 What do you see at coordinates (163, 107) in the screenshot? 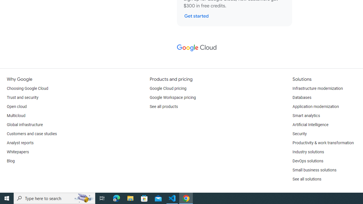
I see `'See all products'` at bounding box center [163, 107].